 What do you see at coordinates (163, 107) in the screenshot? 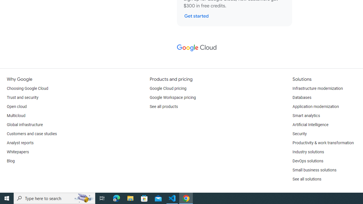
I see `'See all products'` at bounding box center [163, 107].